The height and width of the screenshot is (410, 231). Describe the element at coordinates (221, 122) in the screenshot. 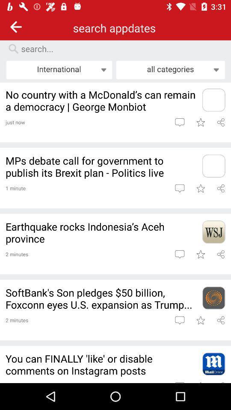

I see `share the first article` at that location.